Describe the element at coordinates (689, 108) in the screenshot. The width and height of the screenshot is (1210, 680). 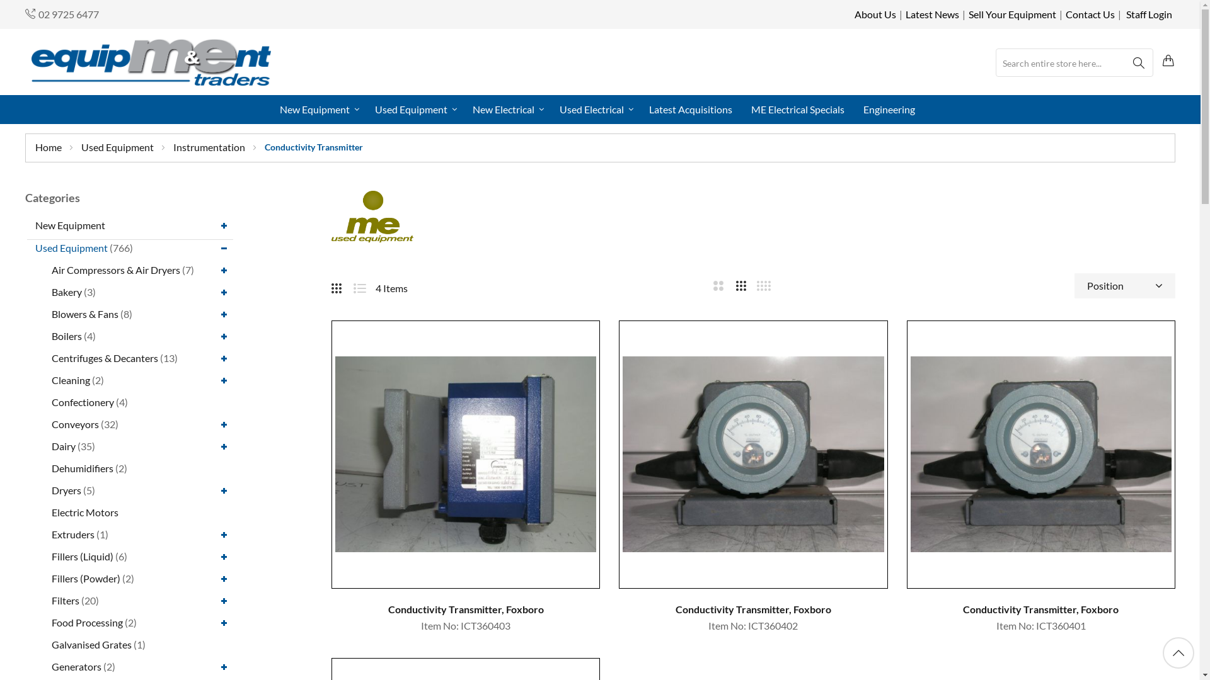
I see `'Latest Acquisitions'` at that location.